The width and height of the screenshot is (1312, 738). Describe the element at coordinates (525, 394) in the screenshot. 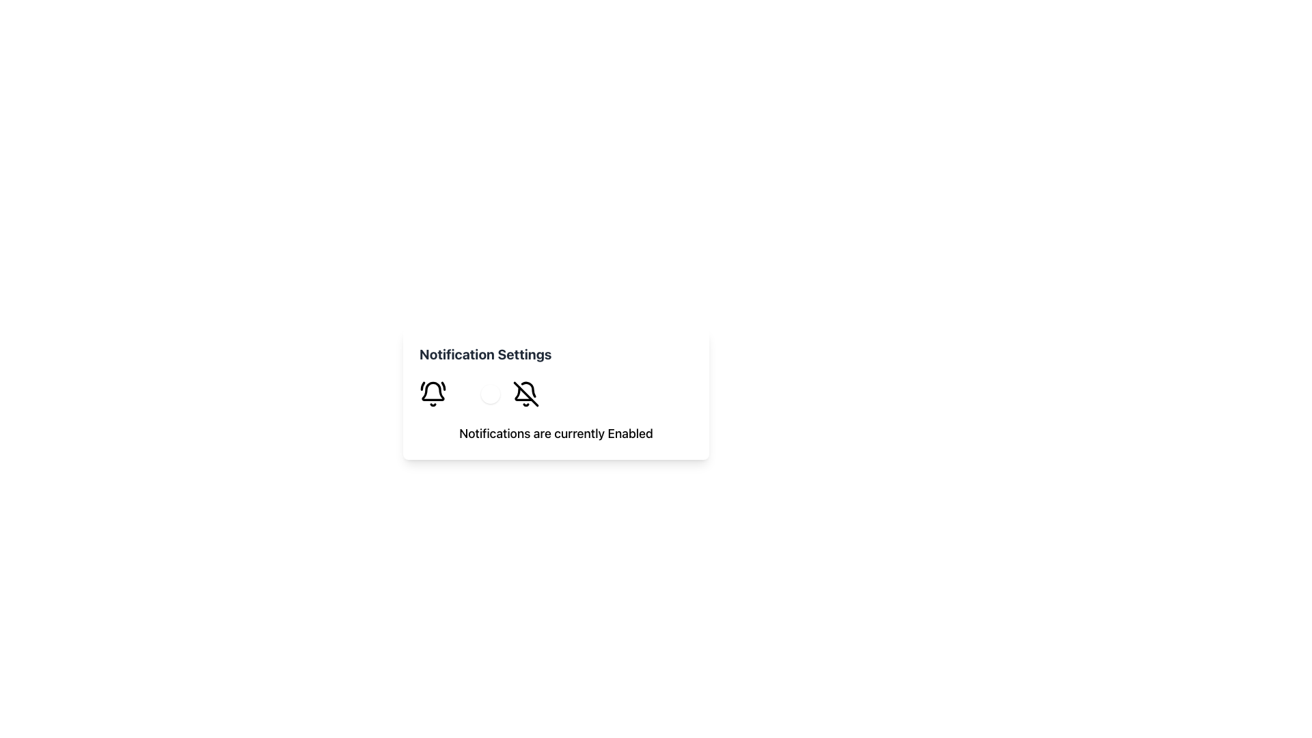

I see `the muted notification bell icon, which is red and has a slash through it, located in the 'Notification Settings' section` at that location.